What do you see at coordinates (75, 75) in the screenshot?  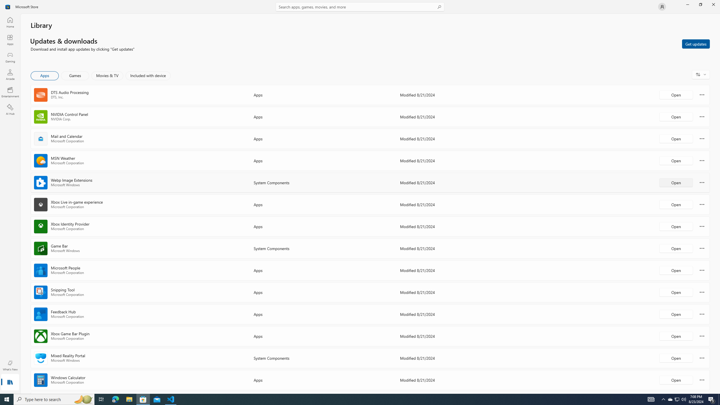 I see `'Games'` at bounding box center [75, 75].